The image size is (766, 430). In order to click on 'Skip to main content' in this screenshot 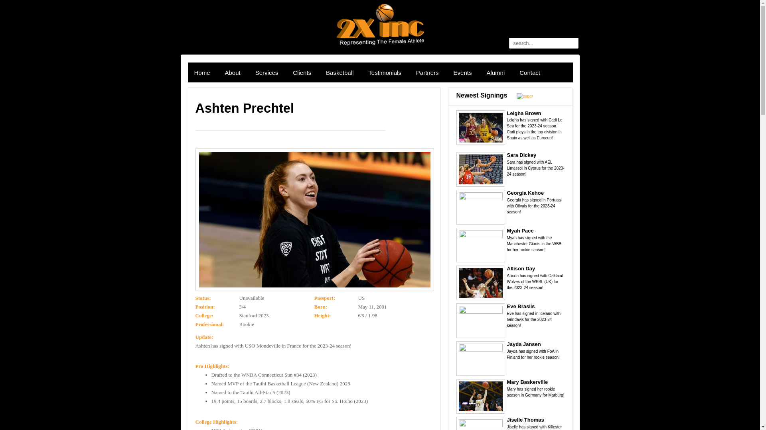, I will do `click(344, 0)`.